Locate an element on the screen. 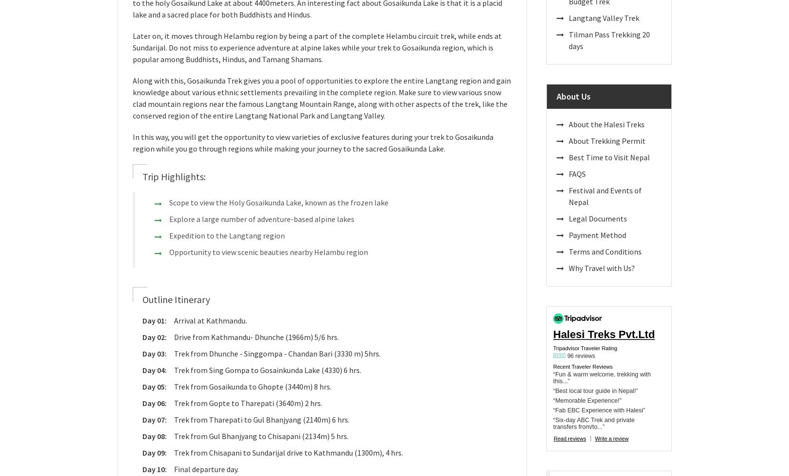 The image size is (789, 476). 'About Us' is located at coordinates (573, 96).